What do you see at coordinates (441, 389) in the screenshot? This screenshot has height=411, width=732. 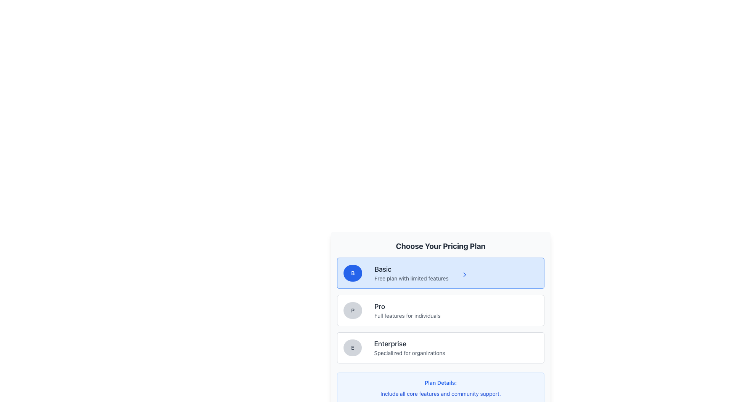 I see `contents of the informational text block labeled 'Plan Details:' located below the pricing options in the pricing section` at bounding box center [441, 389].